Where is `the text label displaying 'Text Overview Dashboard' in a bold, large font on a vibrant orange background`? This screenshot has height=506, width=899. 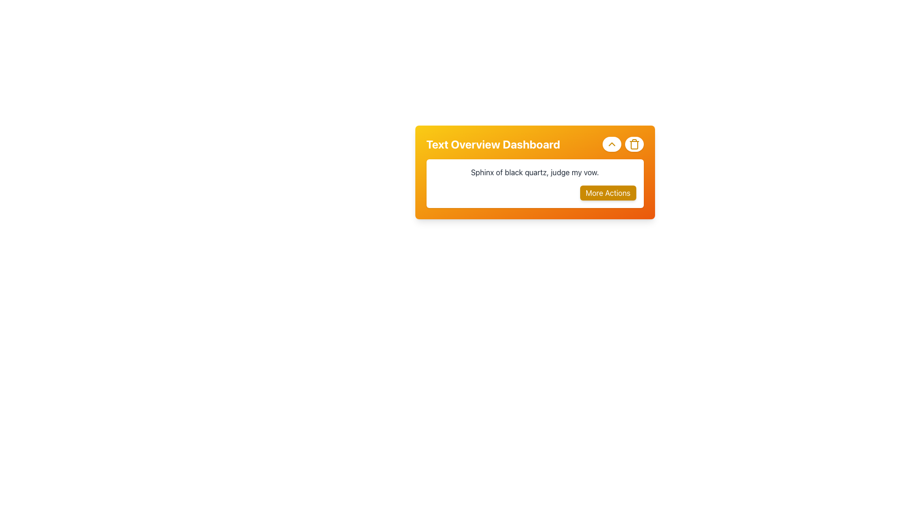
the text label displaying 'Text Overview Dashboard' in a bold, large font on a vibrant orange background is located at coordinates (493, 144).